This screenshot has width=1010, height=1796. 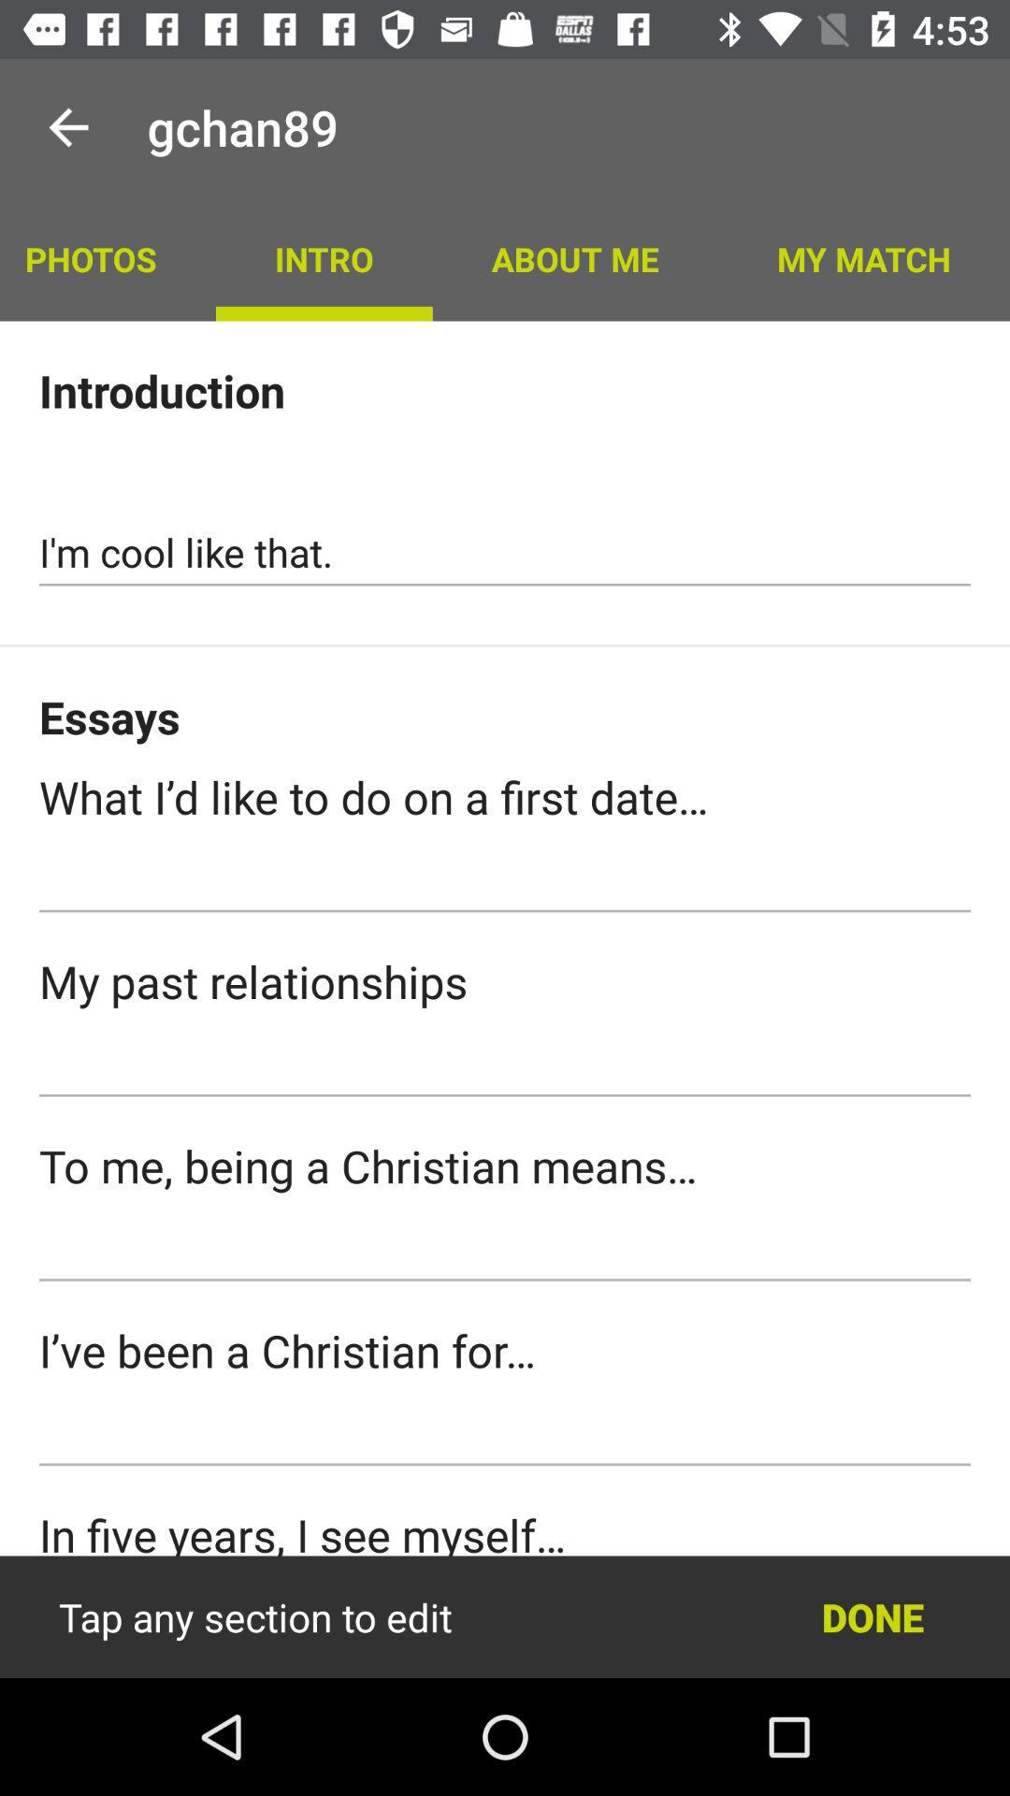 I want to click on type answer, so click(x=505, y=878).